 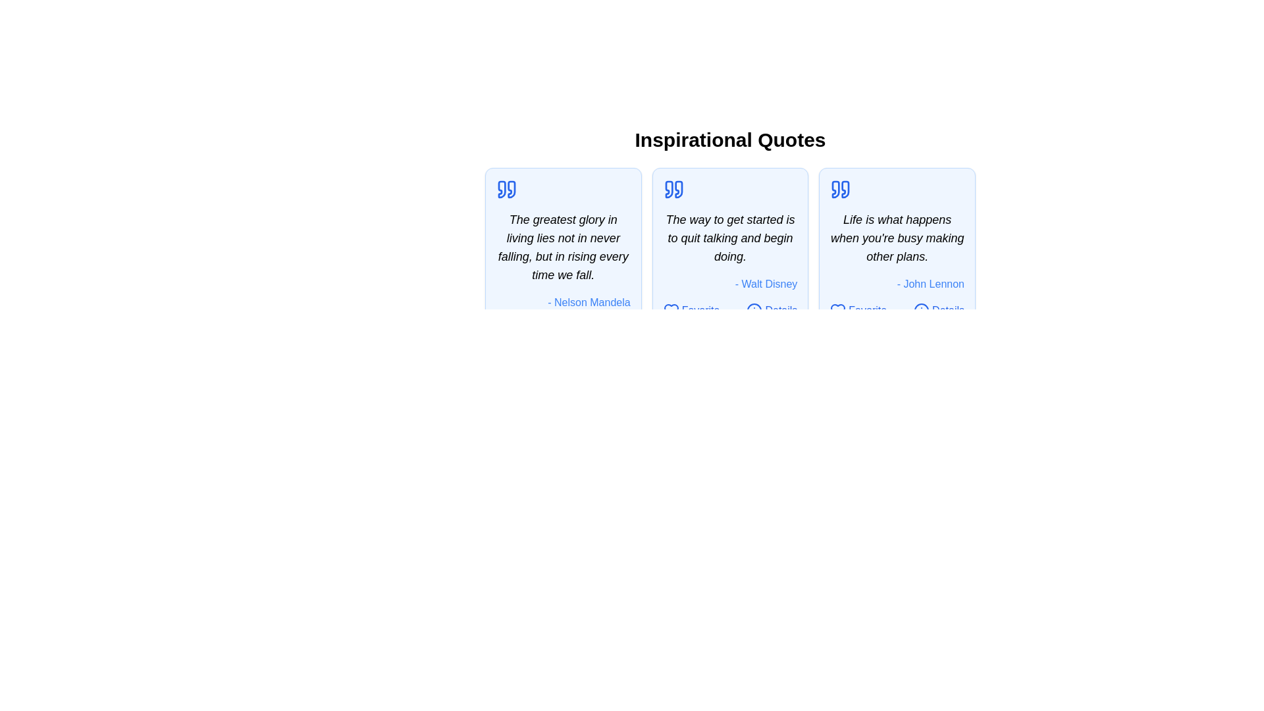 I want to click on the text label displaying the name '- Nelson Mandela', which is right-aligned and styled in blue, positioned below the quote text and above the 'Favorite' and 'Details' buttons, so click(x=563, y=302).